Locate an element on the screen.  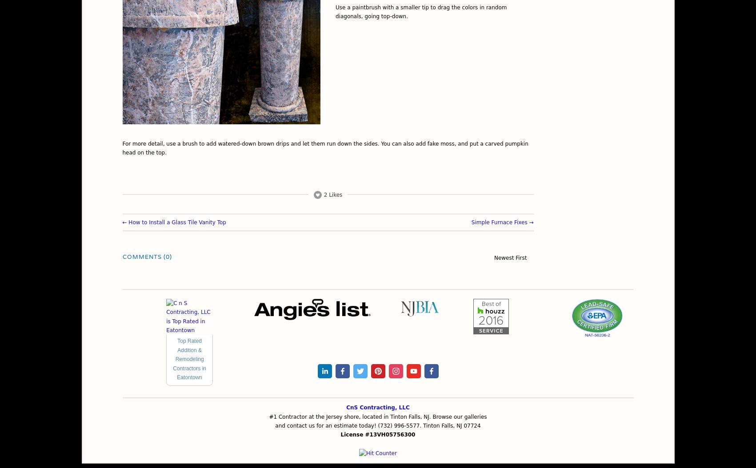
'and contact us for an estimate today! (732) 996-5577. Tinton Falls, NJ 07724' is located at coordinates (377, 426).